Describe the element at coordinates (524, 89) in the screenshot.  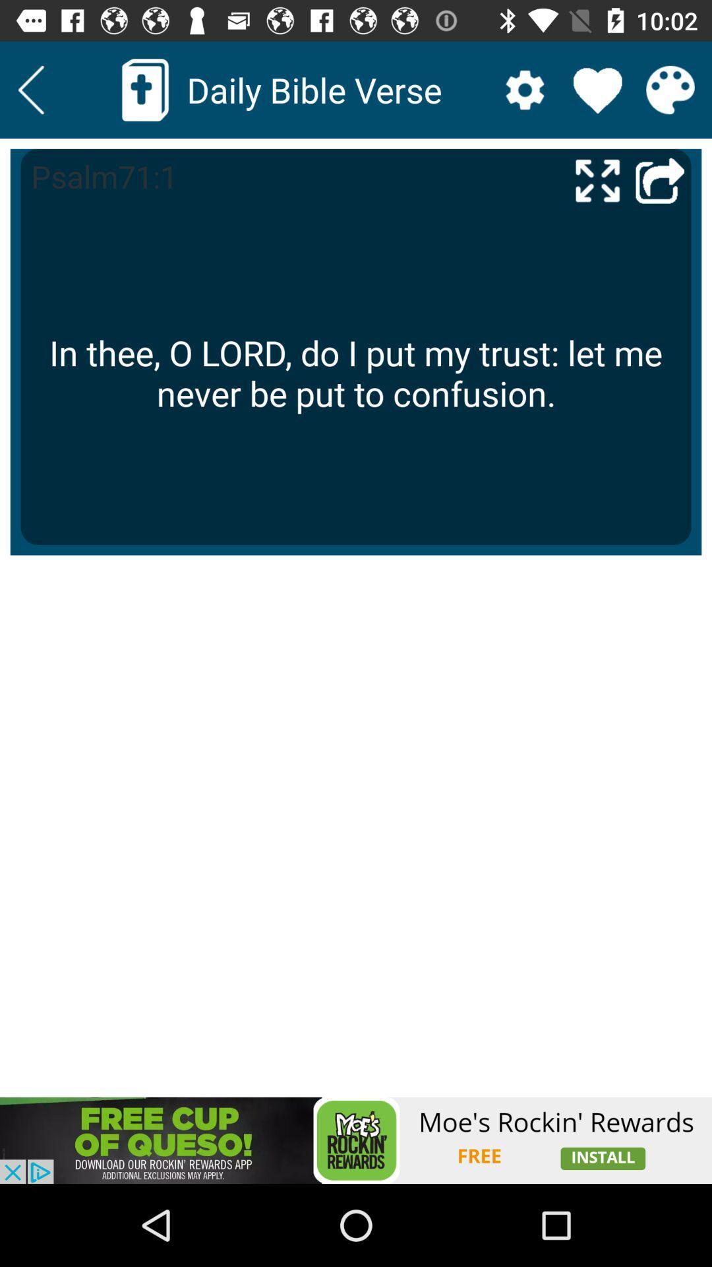
I see `options menu` at that location.